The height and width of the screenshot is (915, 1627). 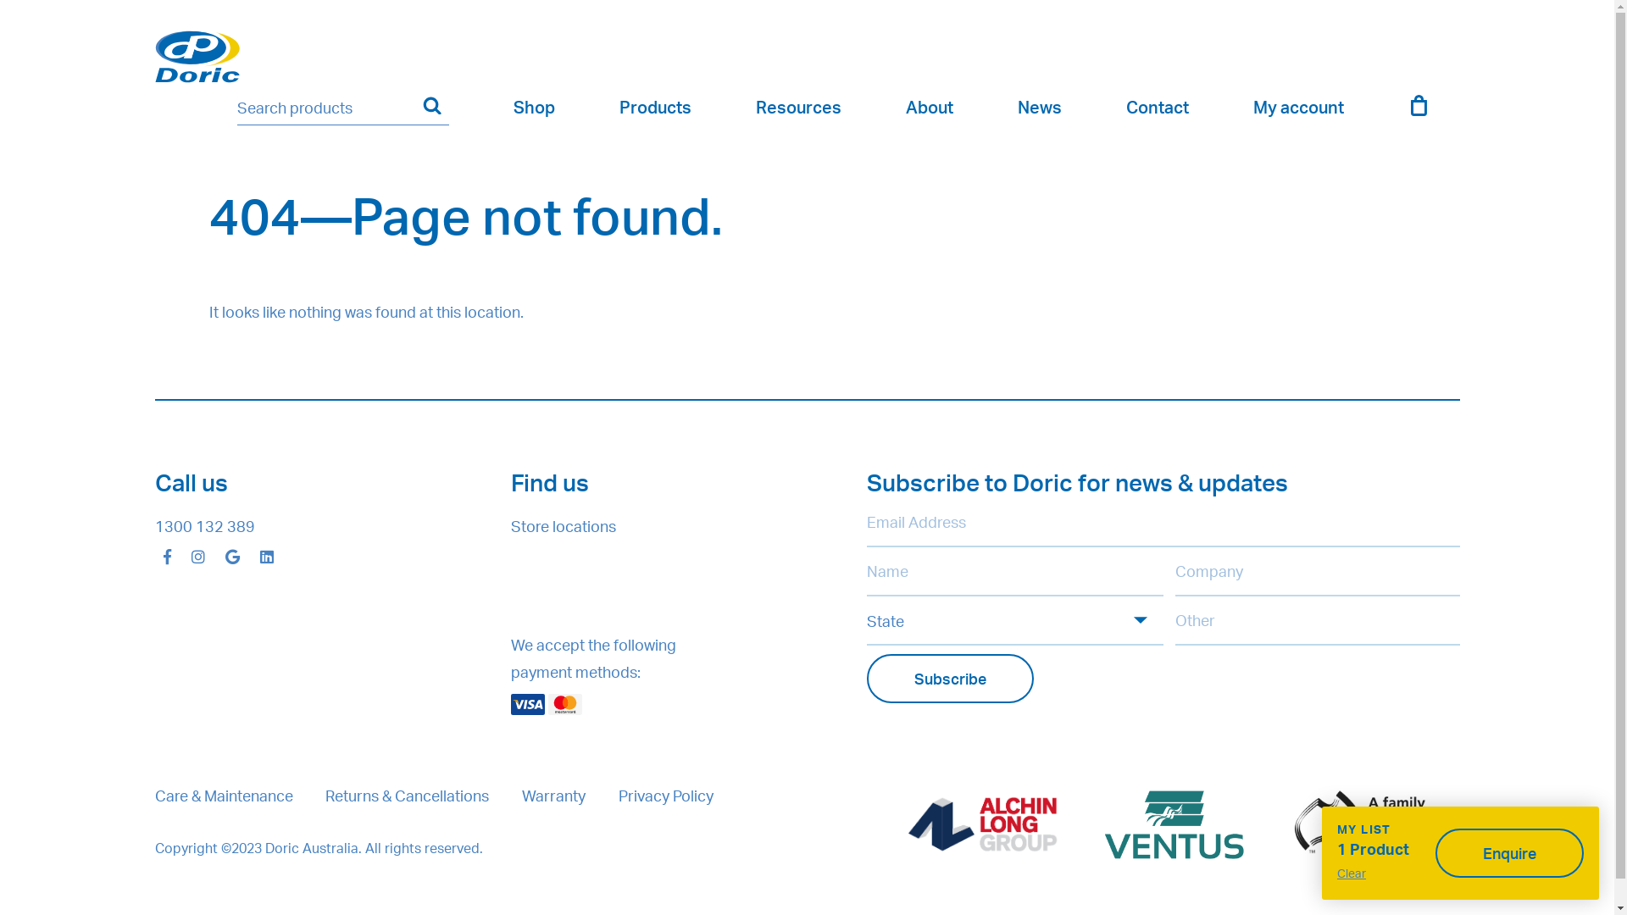 What do you see at coordinates (1435, 852) in the screenshot?
I see `'Enquire'` at bounding box center [1435, 852].